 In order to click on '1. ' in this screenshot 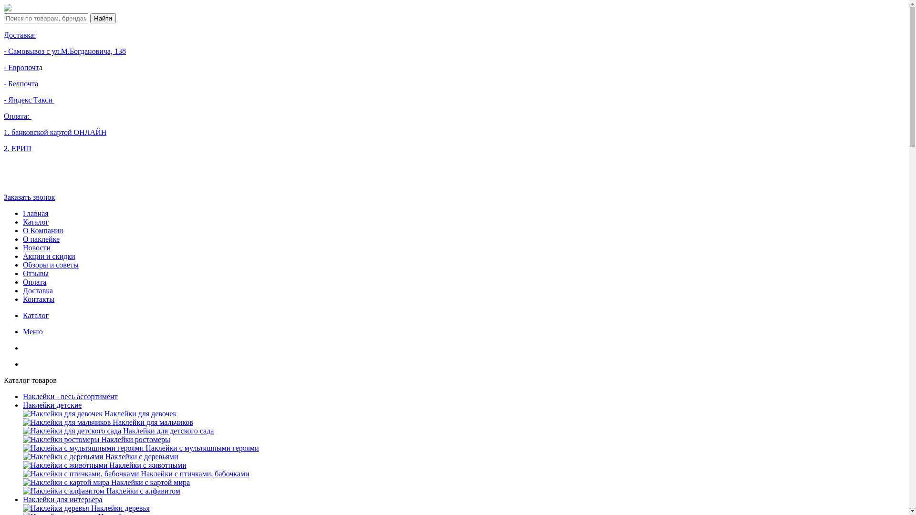, I will do `click(7, 132)`.